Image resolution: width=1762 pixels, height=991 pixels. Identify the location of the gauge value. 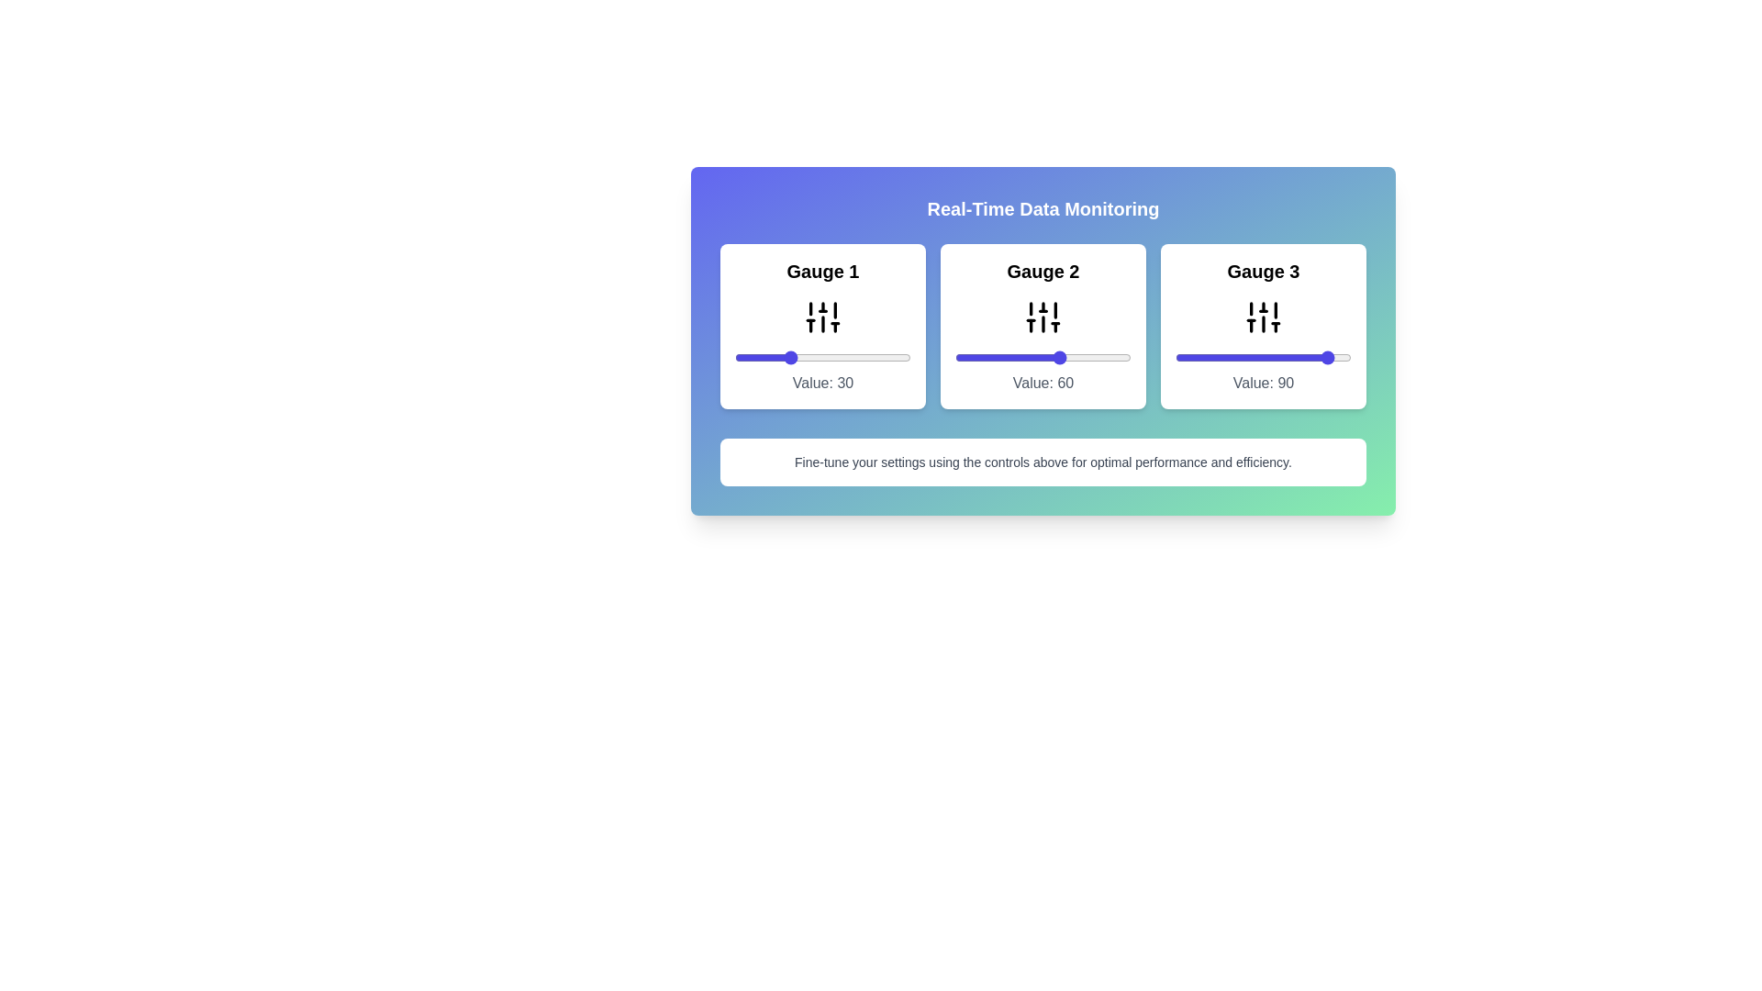
(756, 357).